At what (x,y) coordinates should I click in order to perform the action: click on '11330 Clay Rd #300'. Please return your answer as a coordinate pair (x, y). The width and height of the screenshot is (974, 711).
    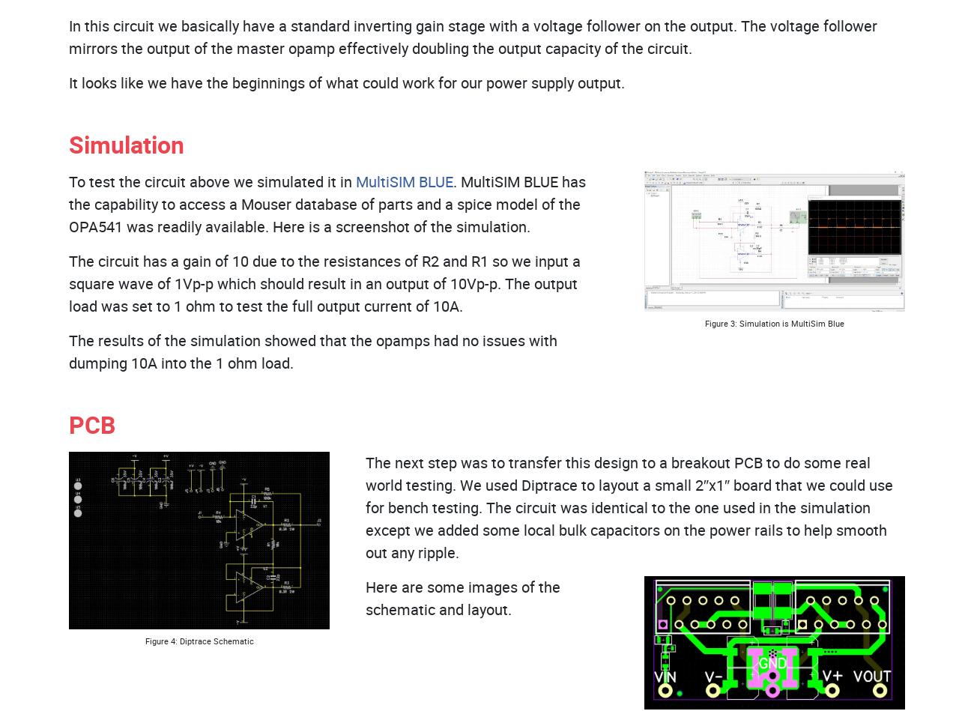
    Looking at the image, I should click on (636, 246).